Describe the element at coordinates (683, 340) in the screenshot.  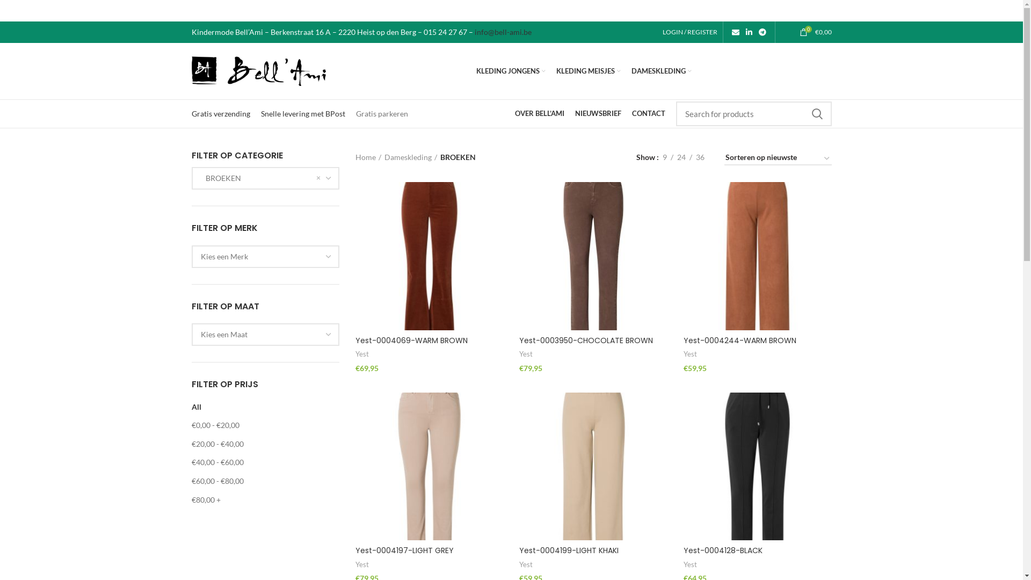
I see `'Yest-0004244-WARM BROWN'` at that location.